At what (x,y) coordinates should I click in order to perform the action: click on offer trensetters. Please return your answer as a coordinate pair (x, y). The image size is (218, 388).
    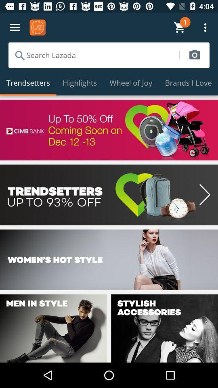
    Looking at the image, I should click on (109, 194).